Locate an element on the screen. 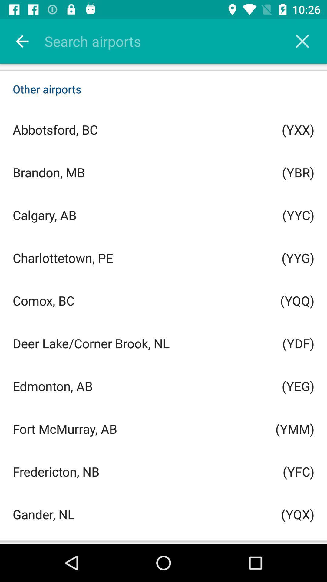 The height and width of the screenshot is (582, 327). search places is located at coordinates (171, 41).